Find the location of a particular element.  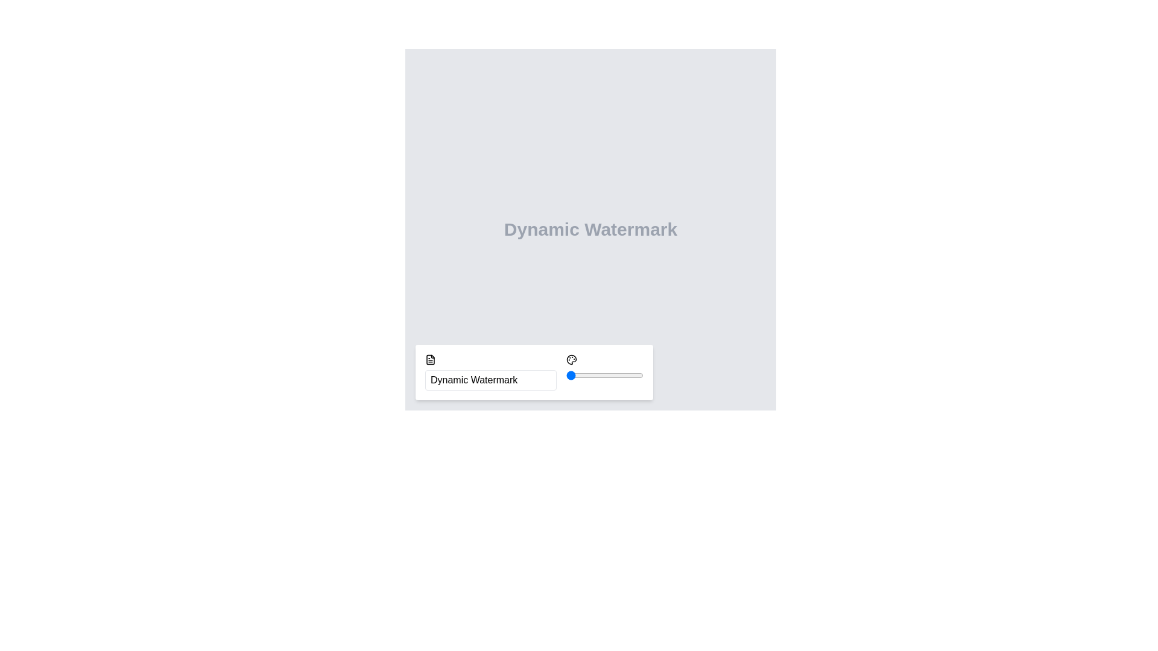

rotation angle is located at coordinates (624, 375).